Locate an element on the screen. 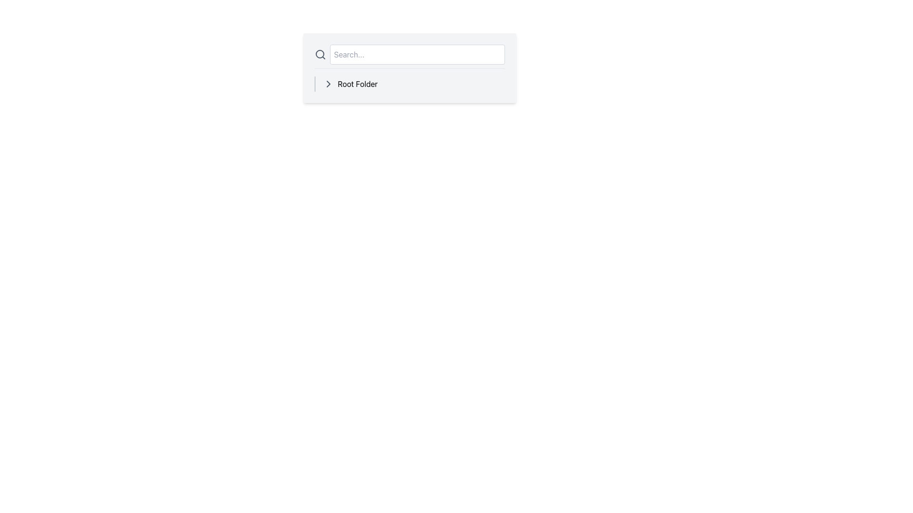 This screenshot has height=513, width=913. the circle element of the magnifying glass icon, which serves as a visual indicator for search functionality, located within the SVG component of the Search panel is located at coordinates (320, 54).